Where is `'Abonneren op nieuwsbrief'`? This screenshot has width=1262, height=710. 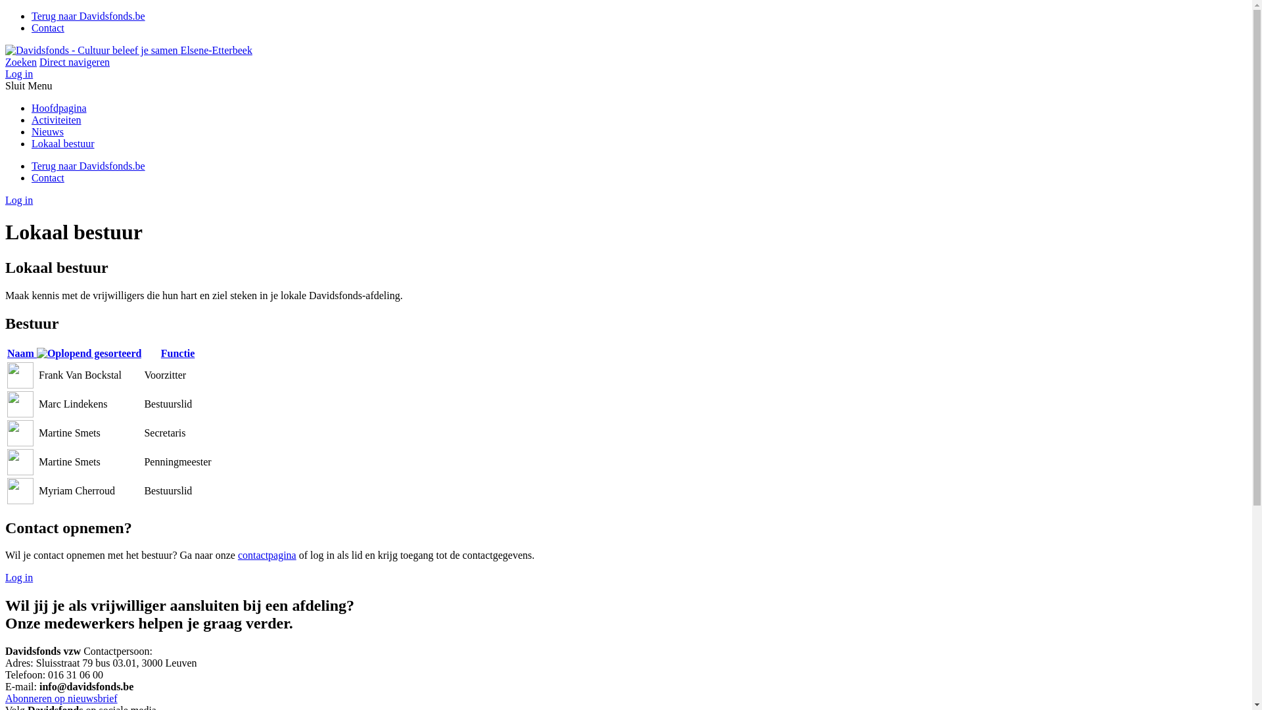
'Abonneren op nieuwsbrief' is located at coordinates (60, 698).